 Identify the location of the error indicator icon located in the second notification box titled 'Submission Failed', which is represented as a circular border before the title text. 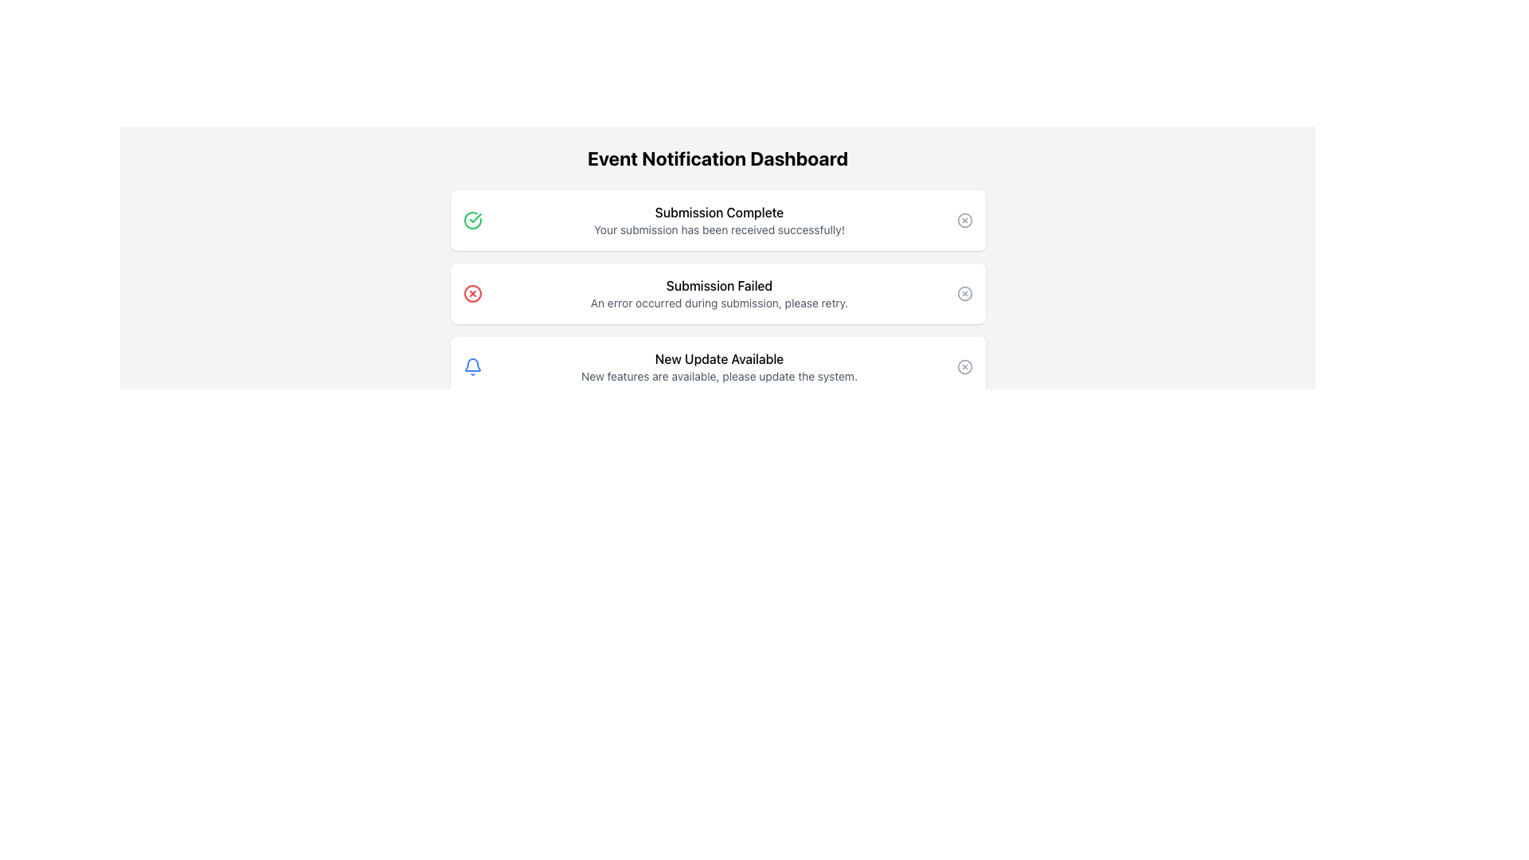
(471, 294).